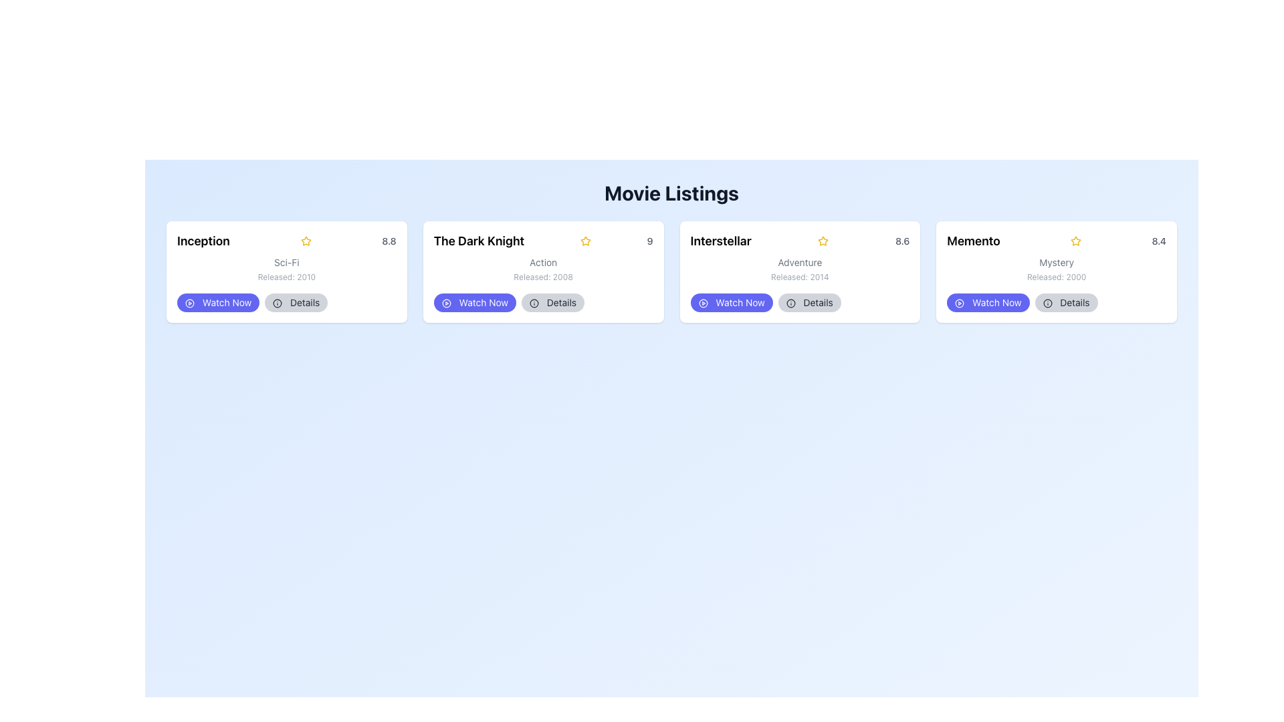 This screenshot has width=1284, height=722. I want to click on the static text label 'Action' which indicates the genre of the movie 'The Dark Knight', positioned within the movie card layout, so click(543, 263).